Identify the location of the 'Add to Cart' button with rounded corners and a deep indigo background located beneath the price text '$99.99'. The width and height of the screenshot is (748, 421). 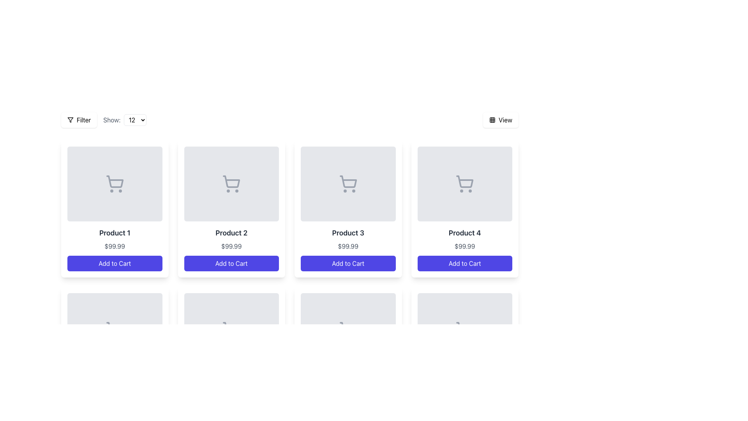
(231, 263).